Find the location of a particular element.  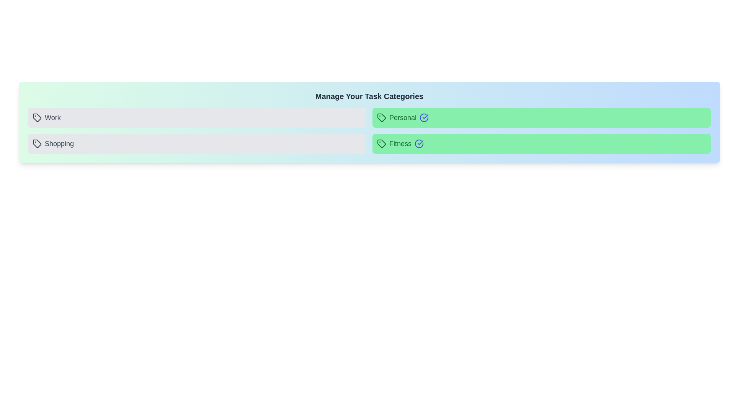

the category Personal by clicking on it is located at coordinates (541, 118).